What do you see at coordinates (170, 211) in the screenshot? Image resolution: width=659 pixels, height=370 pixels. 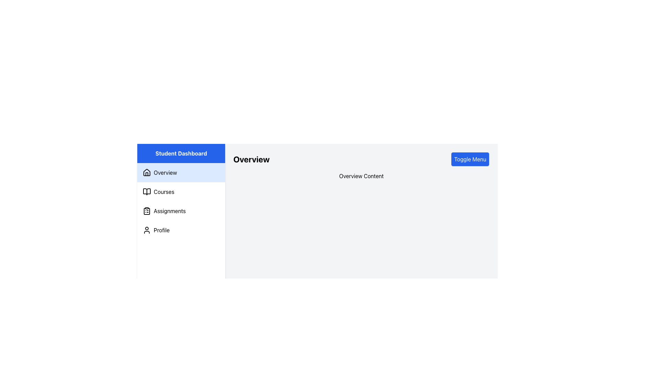 I see `the 'Assignments' text label located in the navigation menu, positioned below 'Courses' and above 'Profile'` at bounding box center [170, 211].